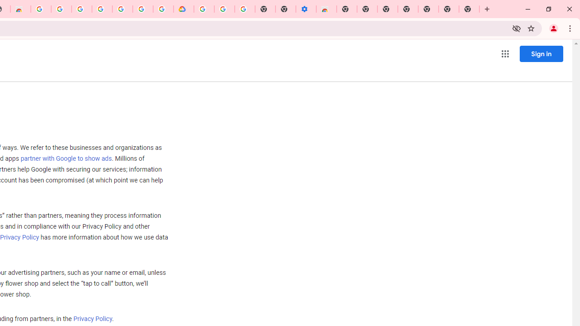 Image resolution: width=580 pixels, height=326 pixels. I want to click on 'New Tab', so click(469, 9).